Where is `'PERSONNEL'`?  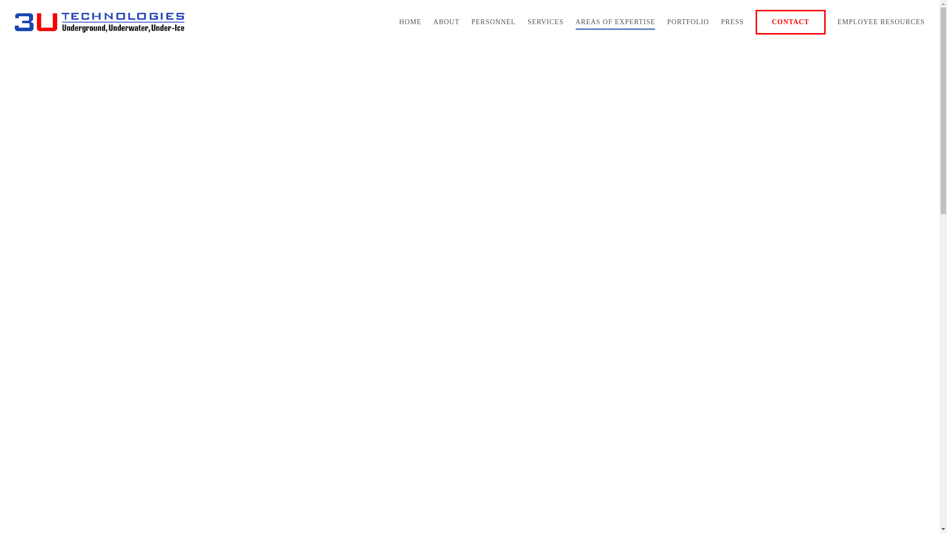
'PERSONNEL' is located at coordinates (494, 22).